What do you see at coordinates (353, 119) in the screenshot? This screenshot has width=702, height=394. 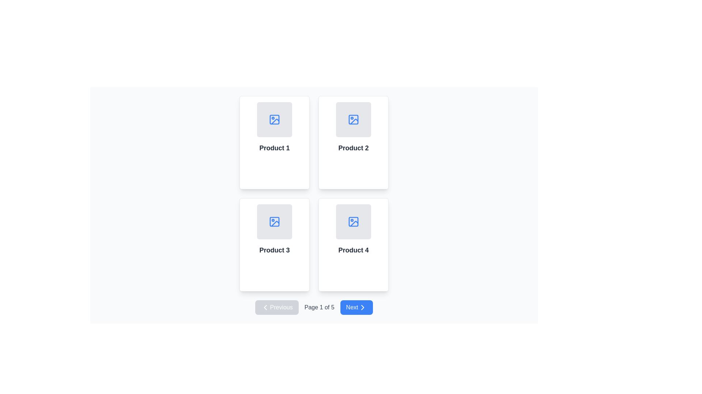 I see `the blue image symbol icon resembling a mountain with a sun, located in the top right tile labeled 'Product 2'` at bounding box center [353, 119].